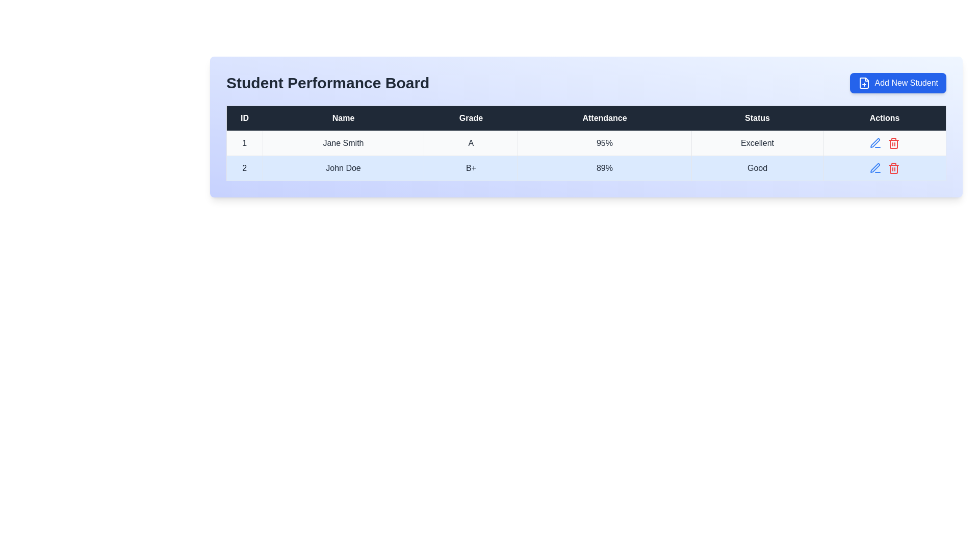 The width and height of the screenshot is (979, 551). I want to click on the 'Status' static text label, which is the fifth column header in the data table, positioned between the 'Attendance' and 'Actions' headers, so click(757, 117).